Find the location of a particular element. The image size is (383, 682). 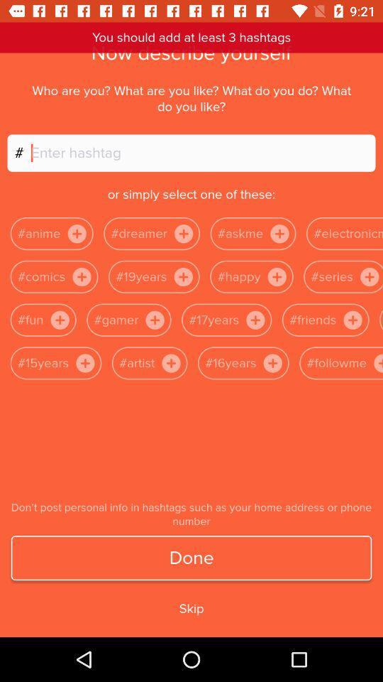

add button in fun box is located at coordinates (59, 320).